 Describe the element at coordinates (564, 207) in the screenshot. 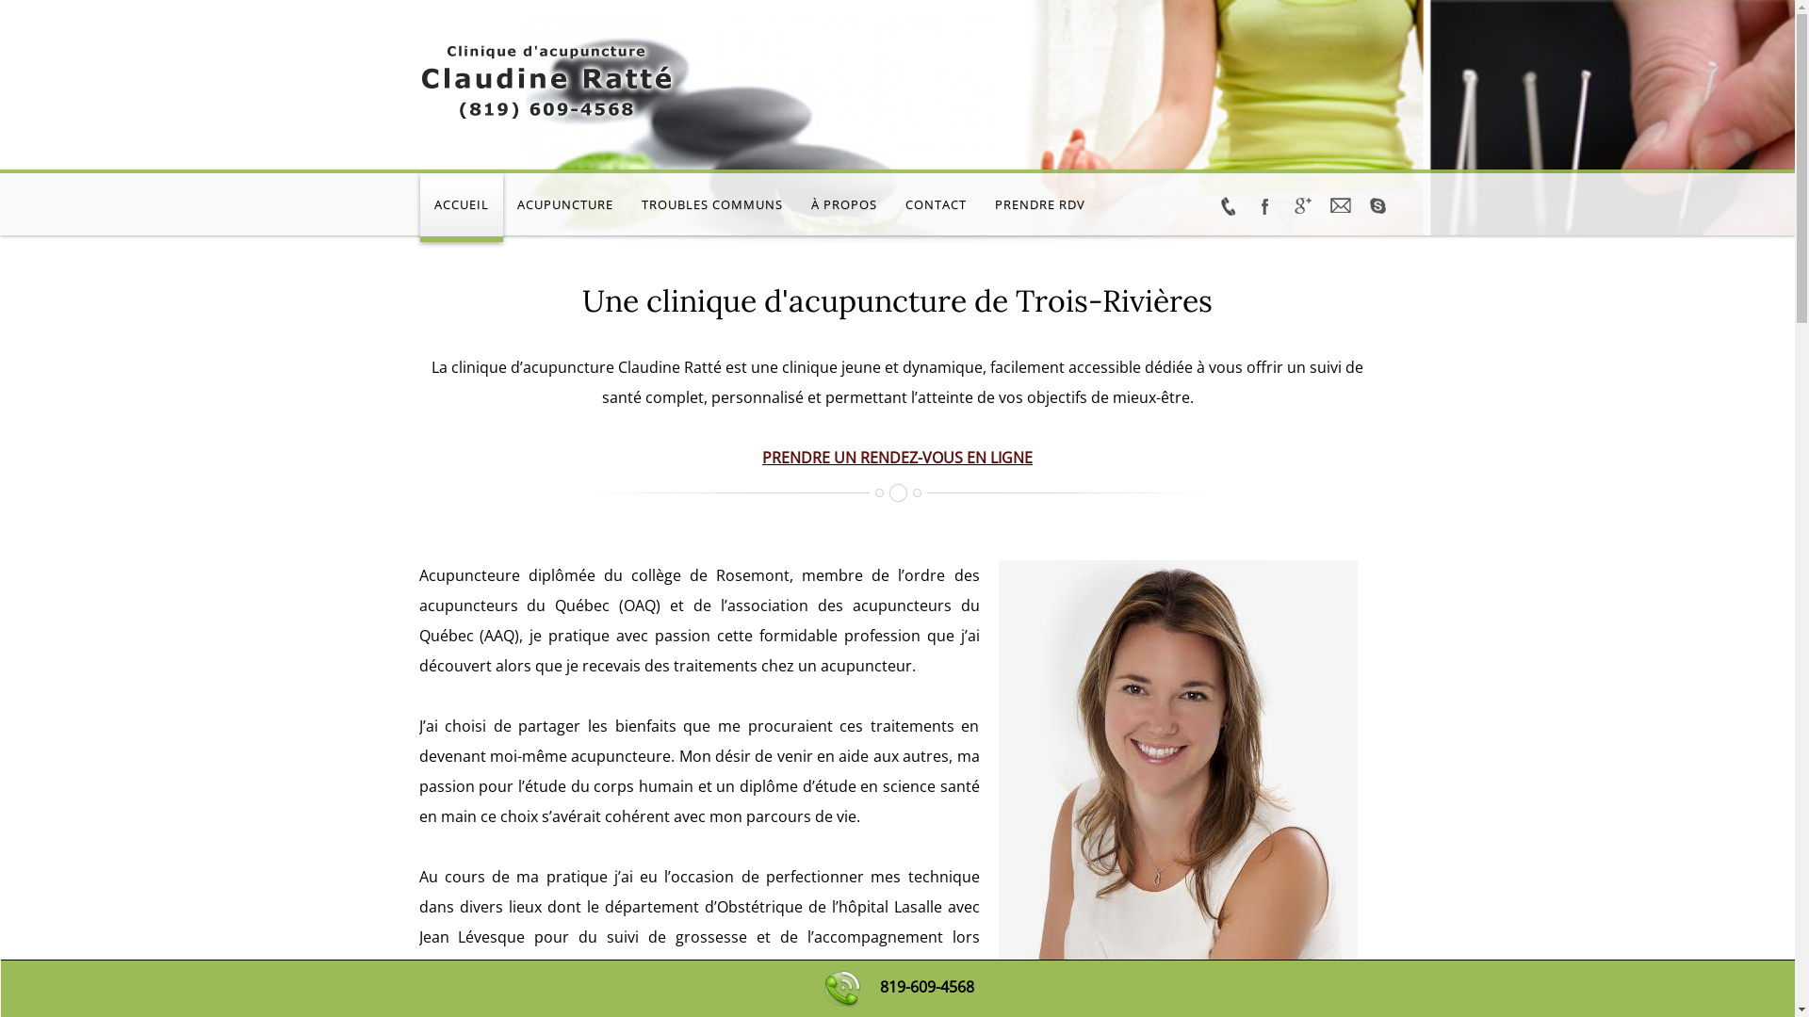

I see `'ACUPUNCTURE'` at that location.